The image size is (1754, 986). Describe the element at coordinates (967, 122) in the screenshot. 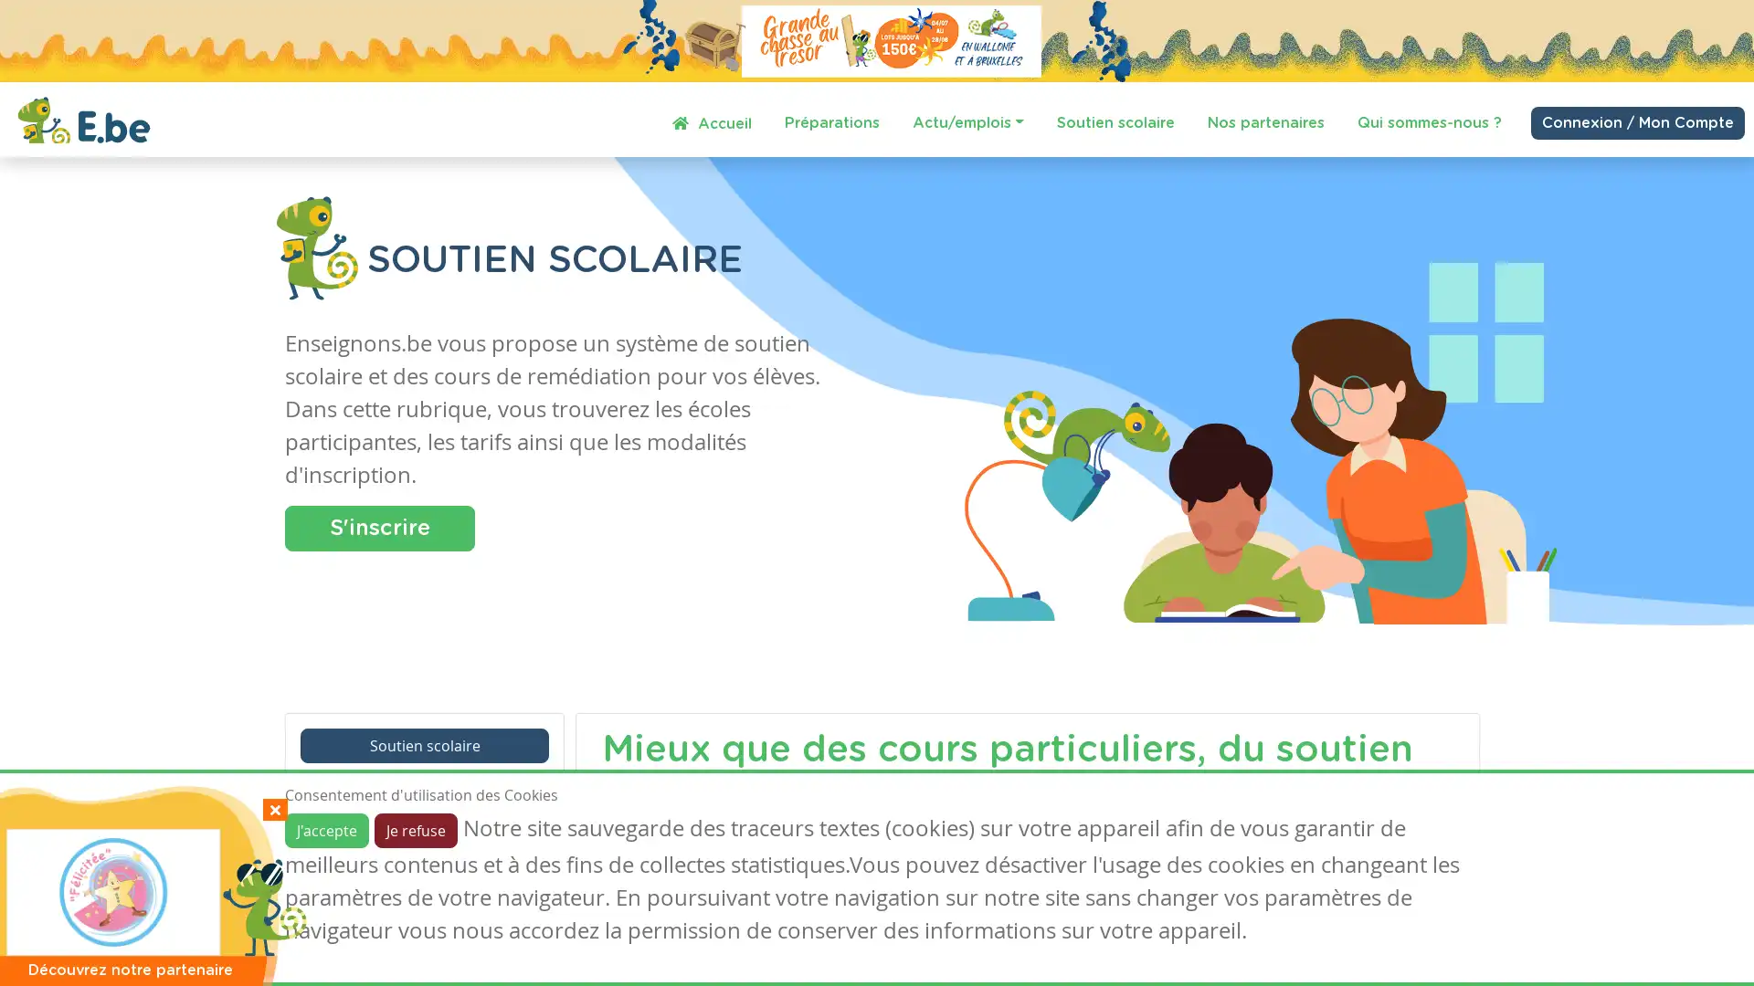

I see `Actu/emplois` at that location.